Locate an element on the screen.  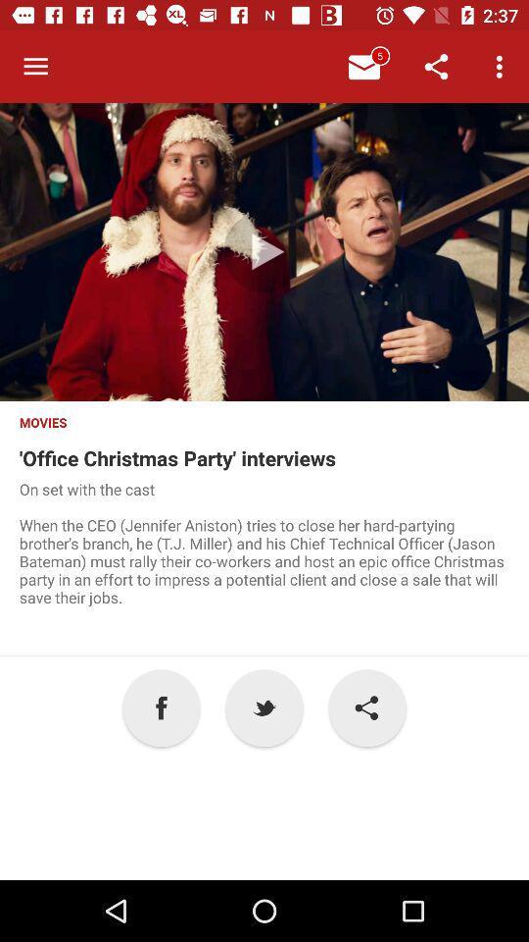
the a at the bottom left corner is located at coordinates (161, 706).